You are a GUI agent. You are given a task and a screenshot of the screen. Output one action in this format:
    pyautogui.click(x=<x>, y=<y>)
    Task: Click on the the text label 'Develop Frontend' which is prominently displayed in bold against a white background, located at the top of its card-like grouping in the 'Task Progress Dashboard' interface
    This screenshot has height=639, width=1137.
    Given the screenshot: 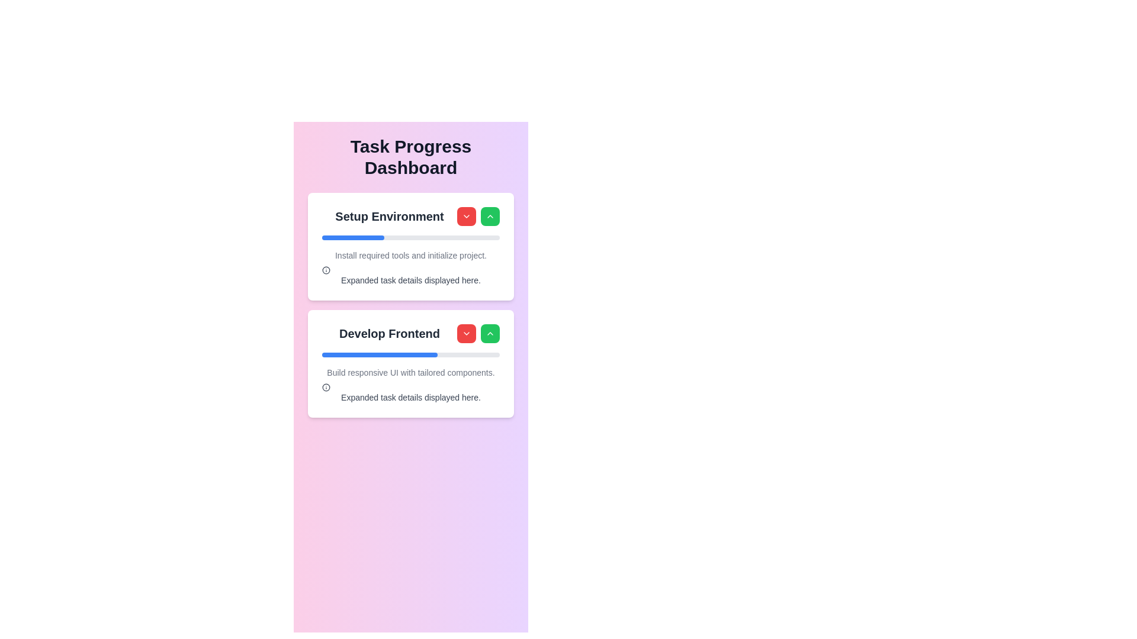 What is the action you would take?
    pyautogui.click(x=389, y=333)
    